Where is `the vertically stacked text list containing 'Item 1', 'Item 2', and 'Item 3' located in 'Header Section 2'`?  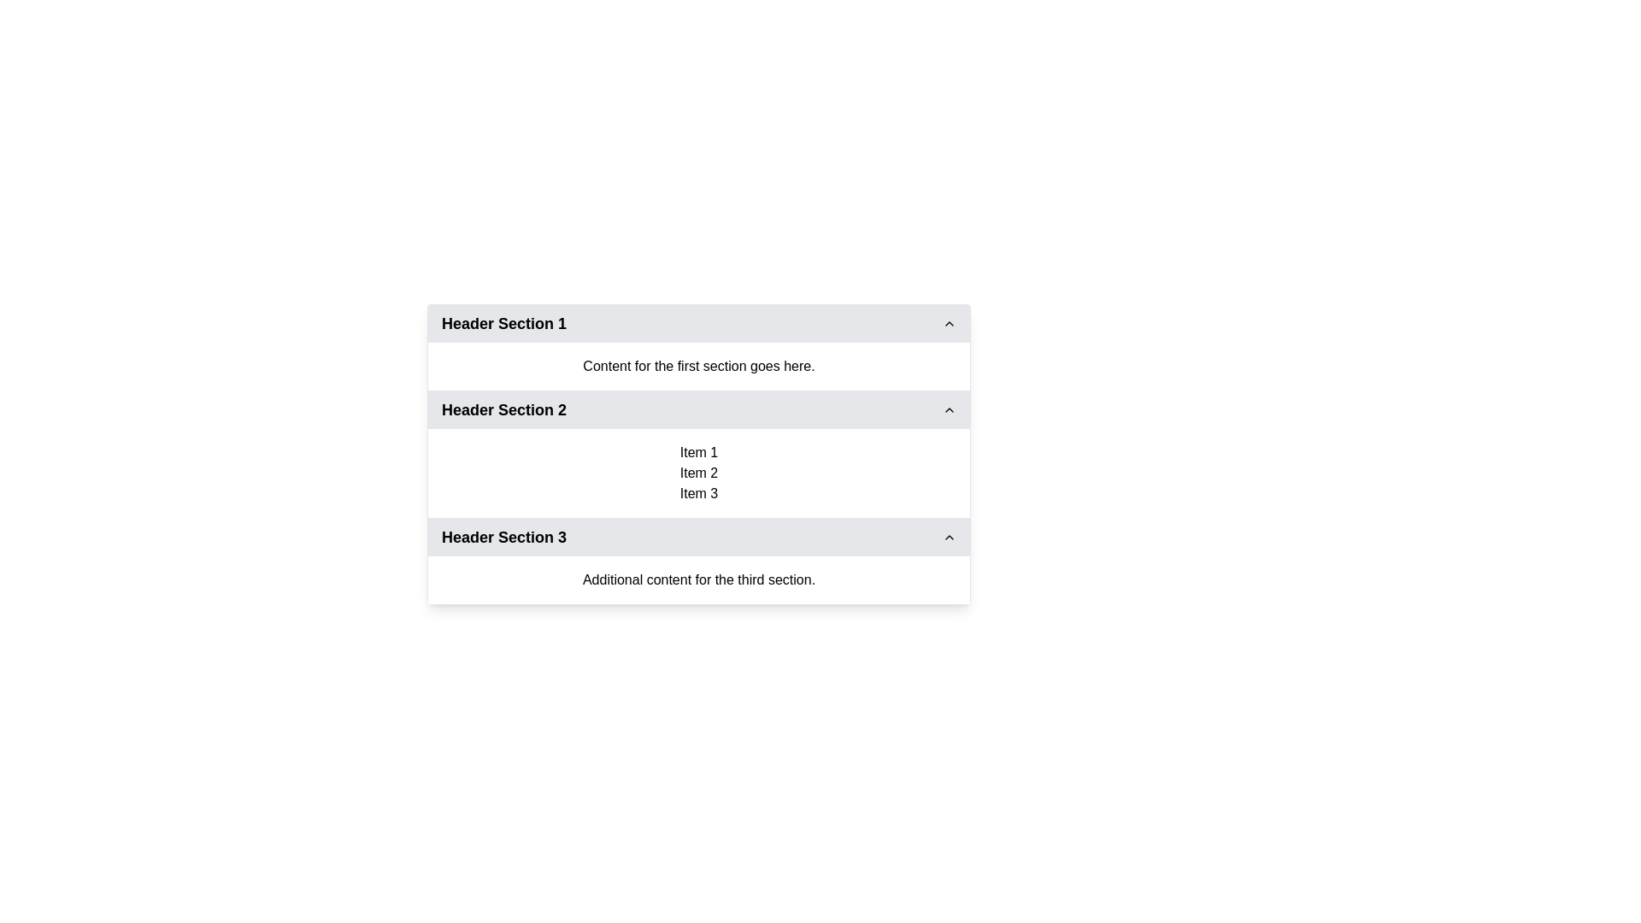 the vertically stacked text list containing 'Item 1', 'Item 2', and 'Item 3' located in 'Header Section 2' is located at coordinates (698, 473).